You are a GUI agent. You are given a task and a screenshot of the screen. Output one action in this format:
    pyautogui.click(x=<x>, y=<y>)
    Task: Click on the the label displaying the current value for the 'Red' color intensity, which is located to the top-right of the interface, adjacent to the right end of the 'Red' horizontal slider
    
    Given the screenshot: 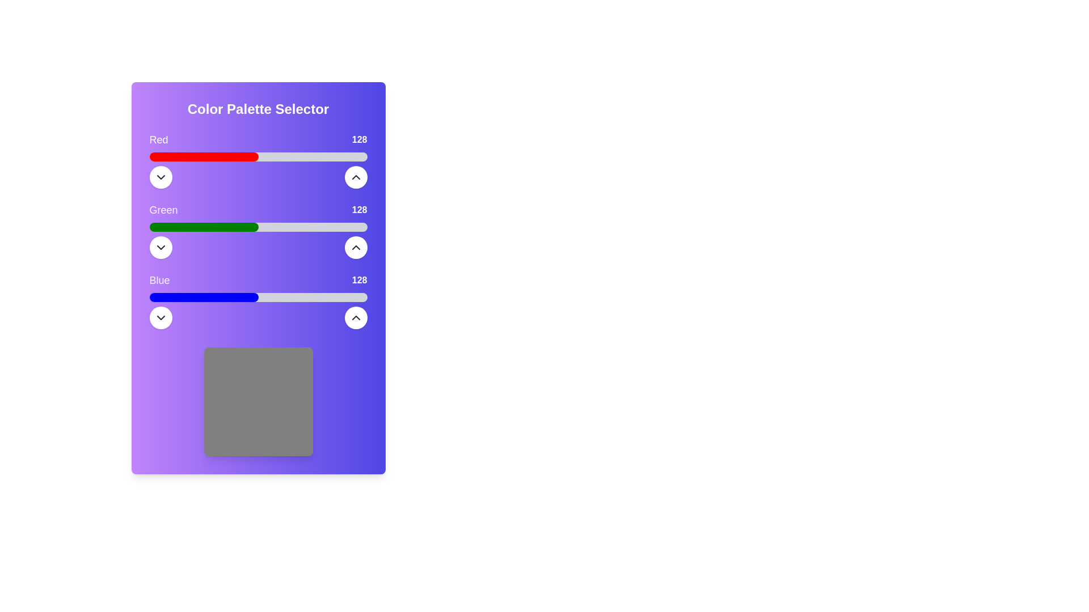 What is the action you would take?
    pyautogui.click(x=359, y=139)
    